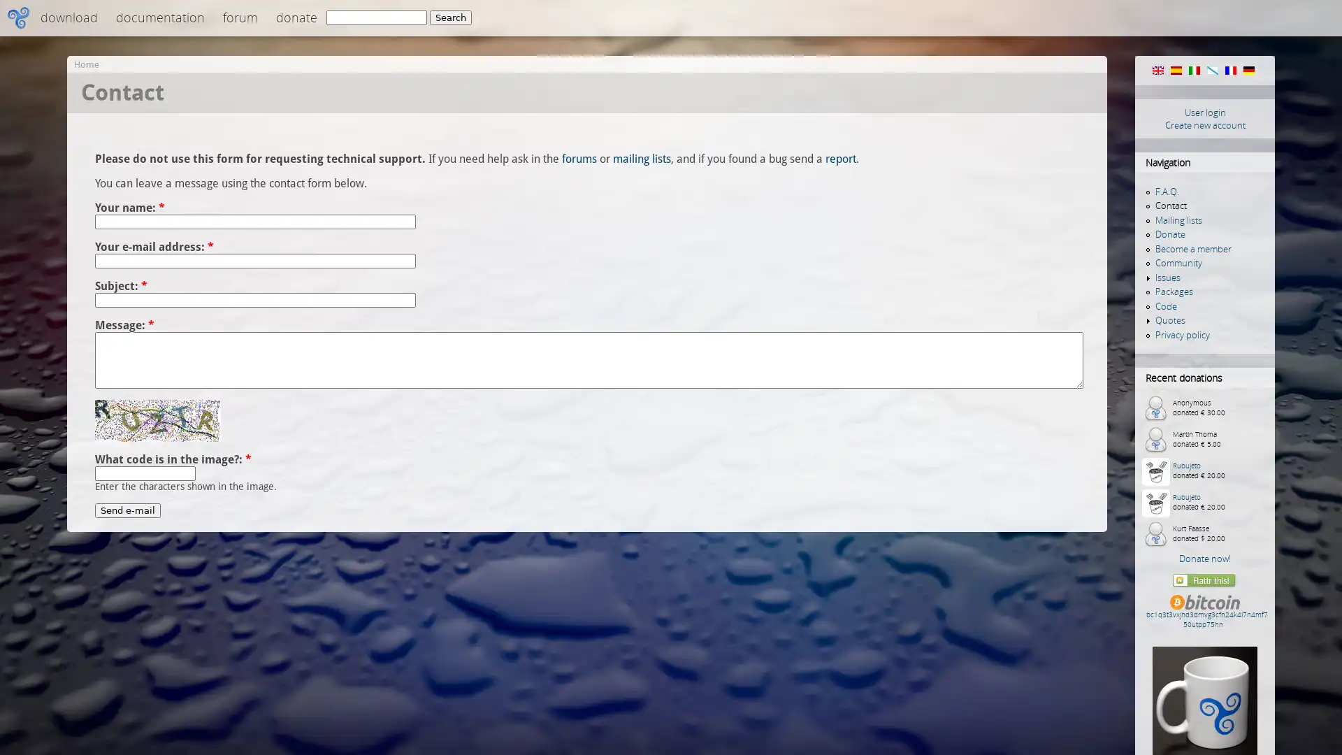 The height and width of the screenshot is (755, 1342). I want to click on Send e-mail, so click(127, 510).